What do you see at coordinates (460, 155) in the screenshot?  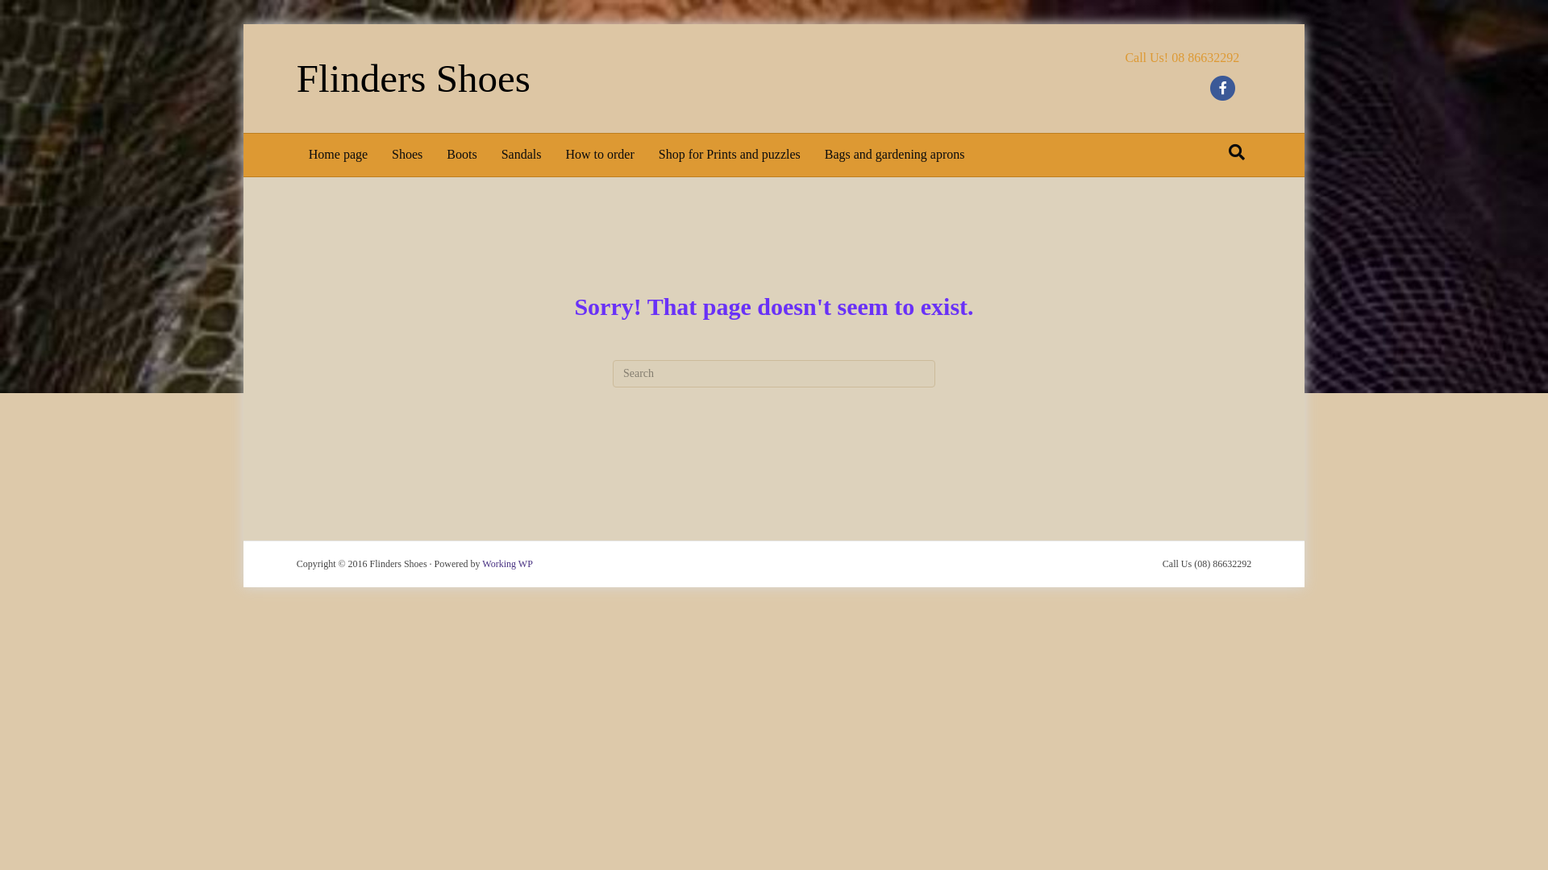 I see `'Boots'` at bounding box center [460, 155].